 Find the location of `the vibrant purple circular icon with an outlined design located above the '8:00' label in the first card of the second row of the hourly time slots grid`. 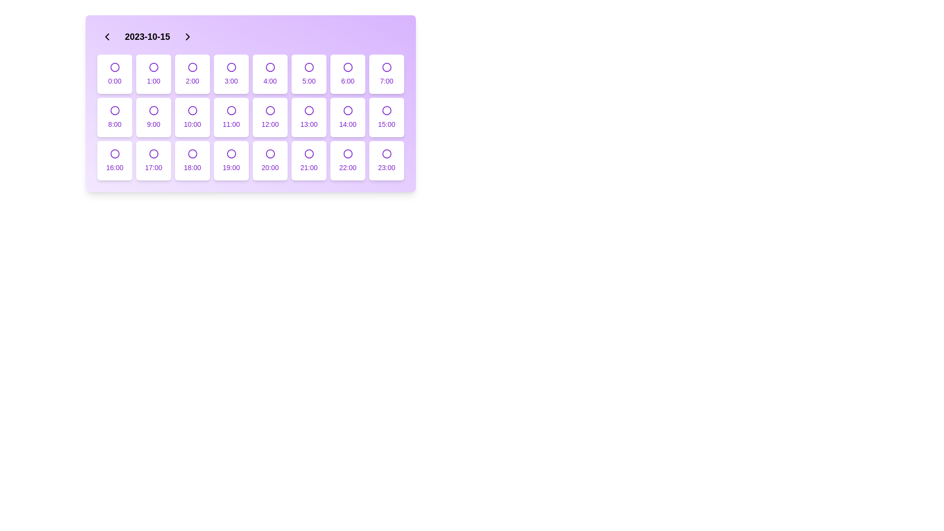

the vibrant purple circular icon with an outlined design located above the '8:00' label in the first card of the second row of the hourly time slots grid is located at coordinates (115, 110).